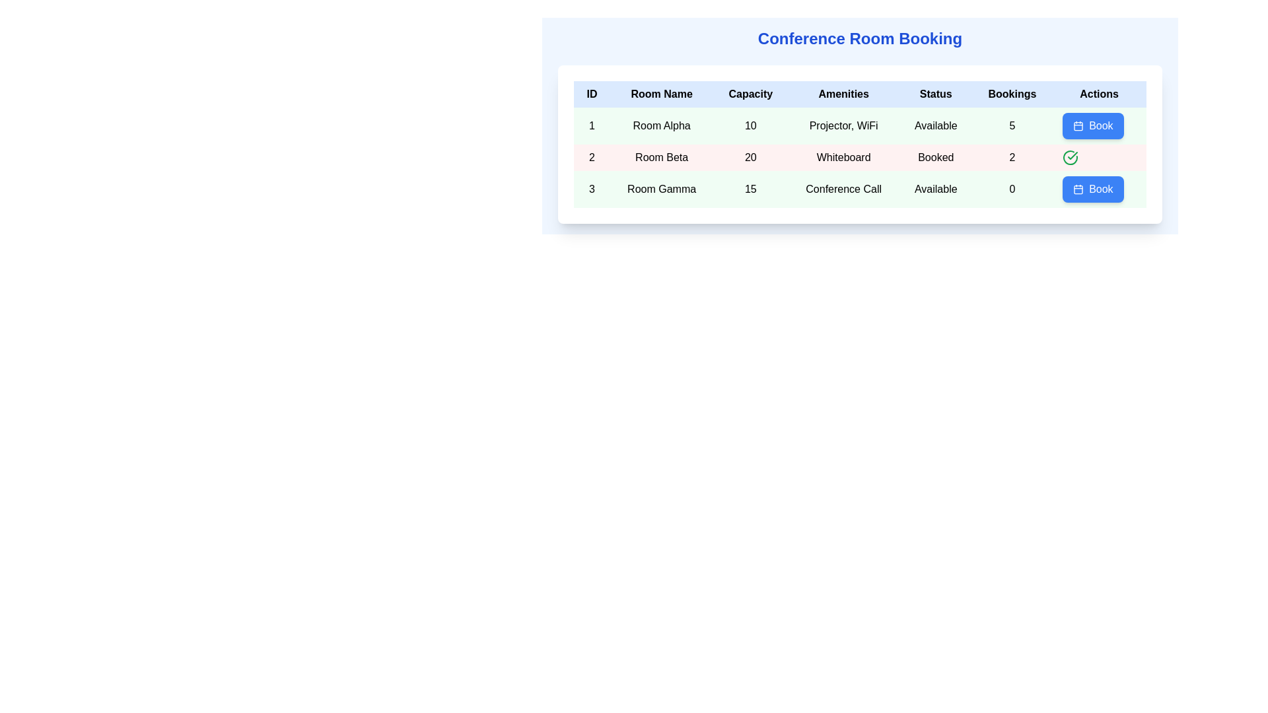 This screenshot has height=713, width=1268. I want to click on the Text display showing the number '5' in bold, located in the sixth column of the first data row of the table with a light green background, so click(1011, 126).